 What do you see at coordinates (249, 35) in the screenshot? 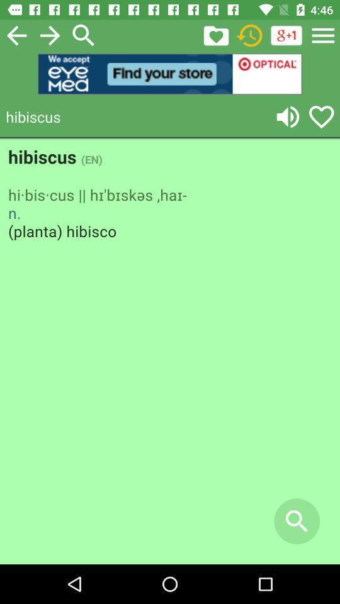
I see `refresh` at bounding box center [249, 35].